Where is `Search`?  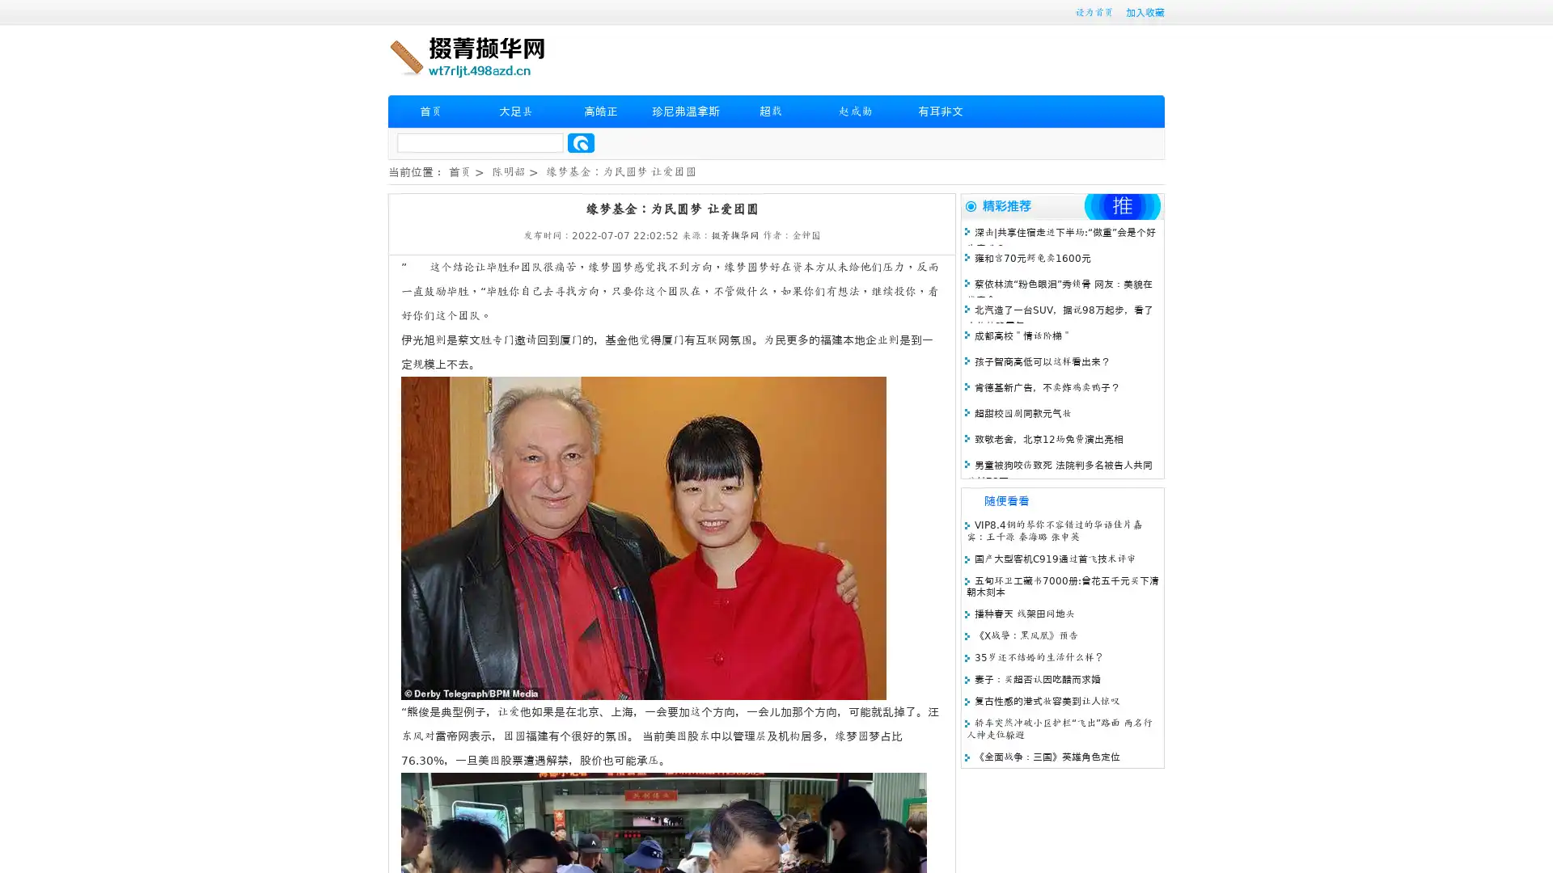 Search is located at coordinates (581, 142).